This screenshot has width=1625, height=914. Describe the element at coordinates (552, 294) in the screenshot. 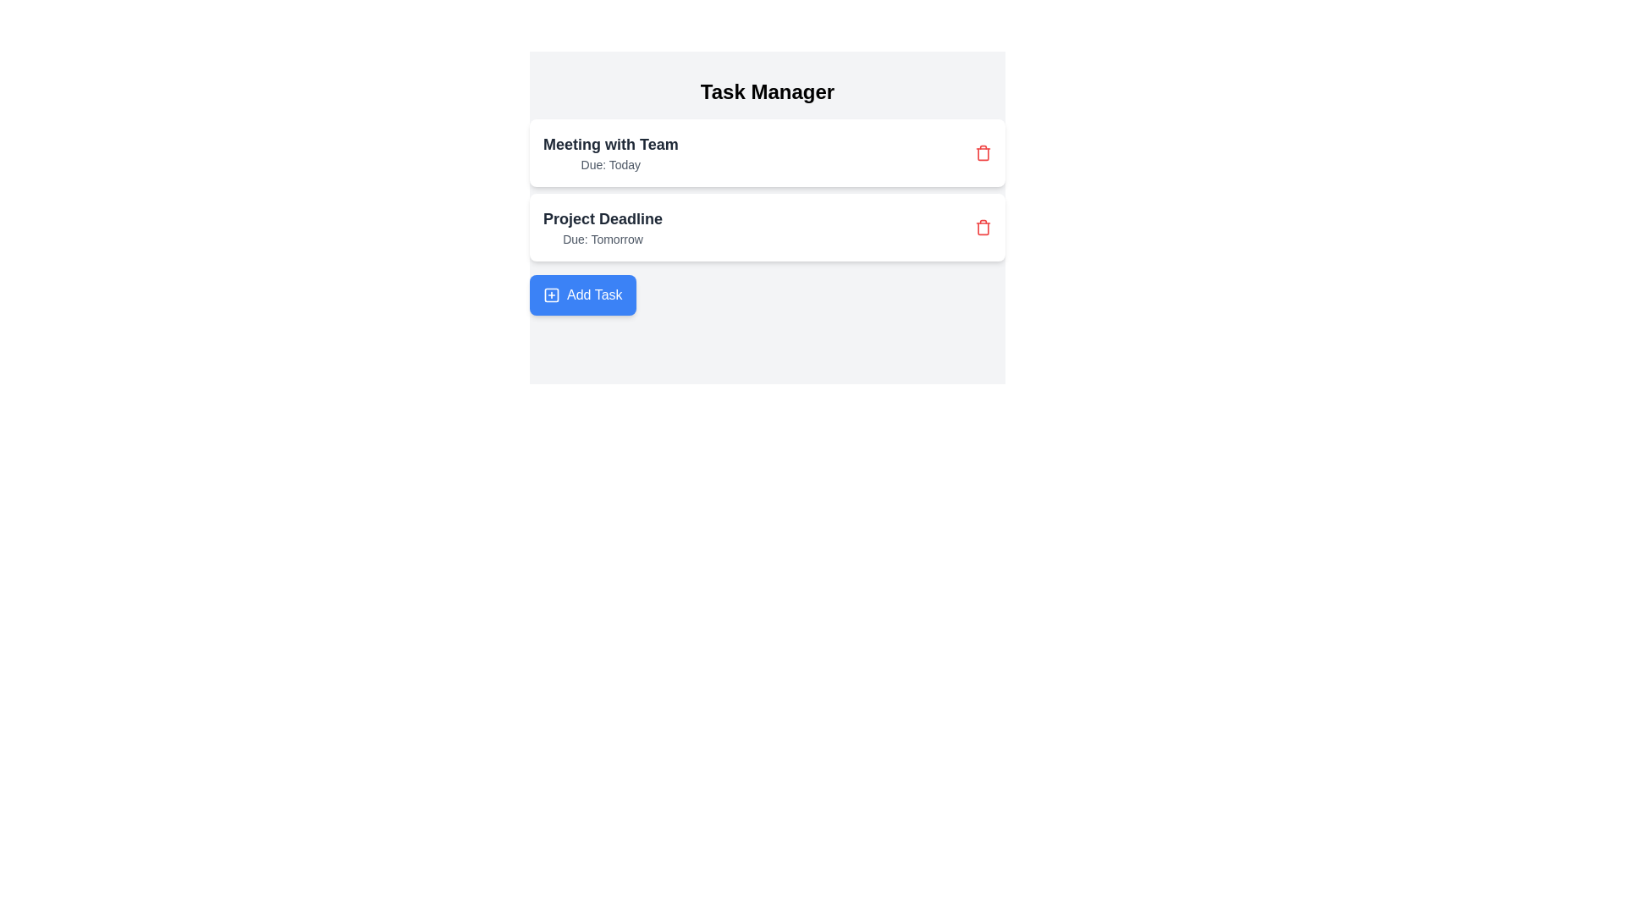

I see `the rounded square icon located inside the blue button labeled 'Add Task' at the bottom left of the task list` at that location.